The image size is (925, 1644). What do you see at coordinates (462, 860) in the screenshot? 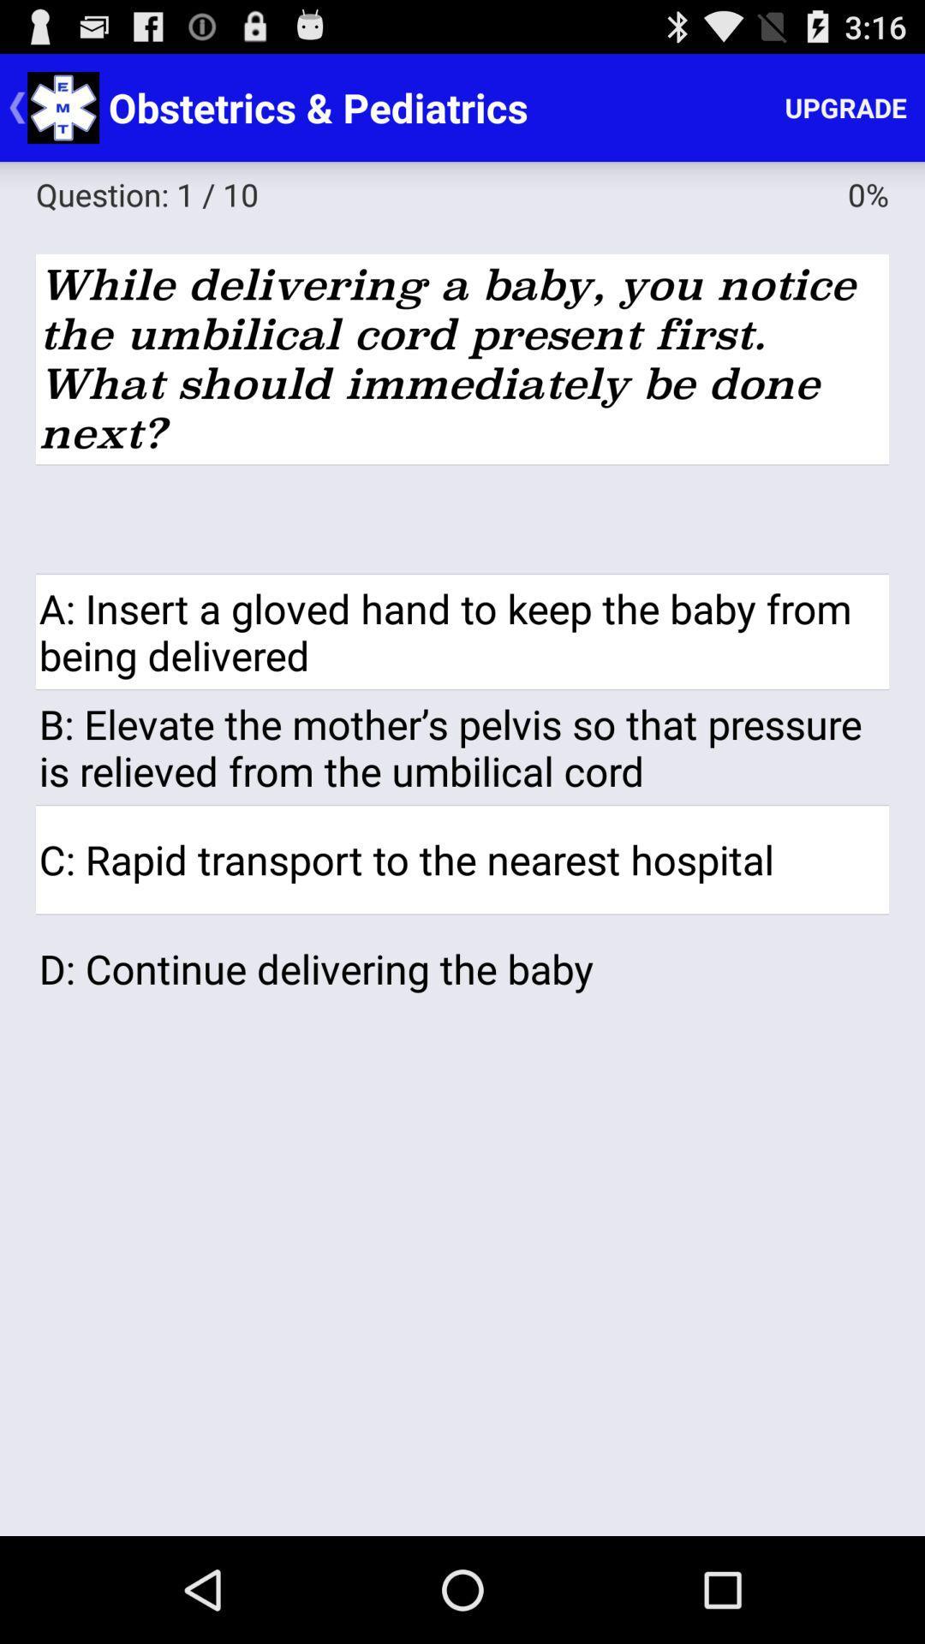
I see `c rapid transport item` at bounding box center [462, 860].